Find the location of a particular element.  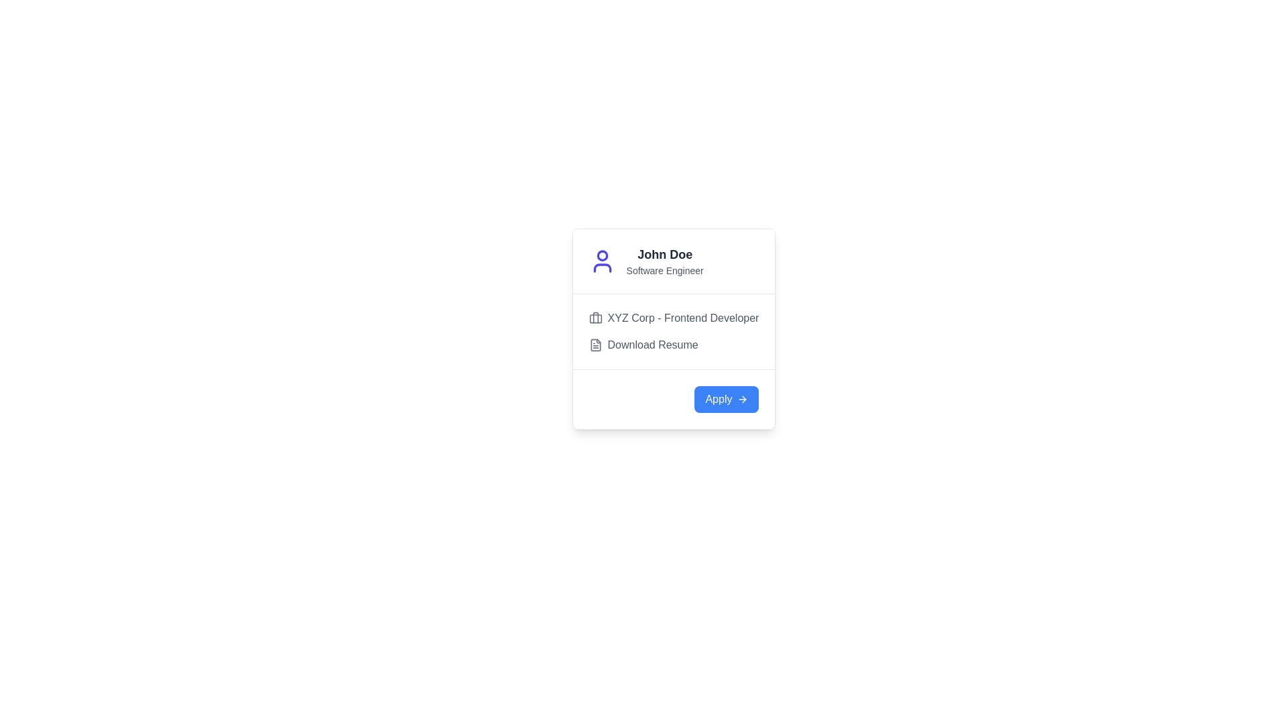

the job title and company name text element, which is positioned in the upper-middle section of the layout, above the 'Download Resume' section is located at coordinates (674, 318).